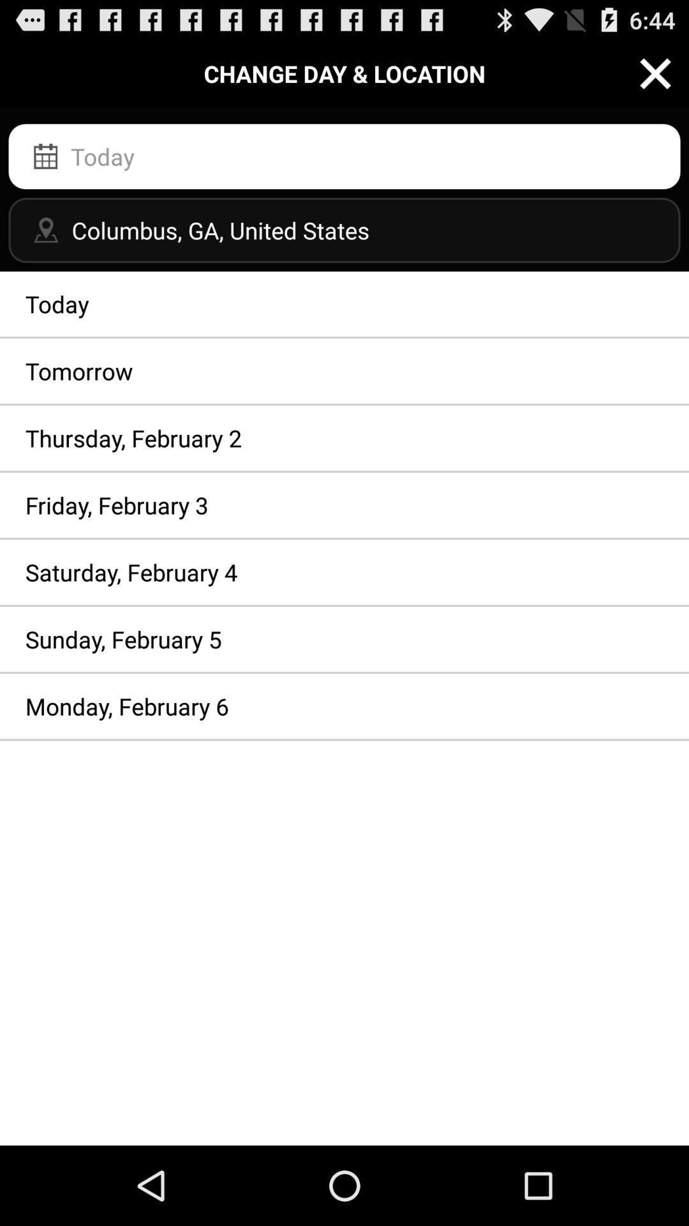 Image resolution: width=689 pixels, height=1226 pixels. Describe the element at coordinates (344, 230) in the screenshot. I see `columbus ga united item` at that location.